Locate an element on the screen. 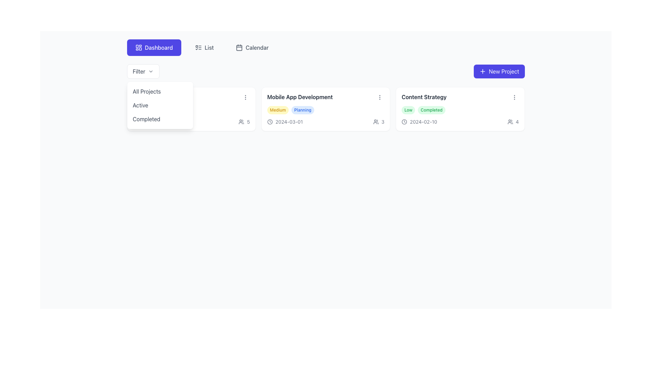 The height and width of the screenshot is (373, 663). the 'Filter' dropdown menu trigger located in the header section is located at coordinates (143, 71).